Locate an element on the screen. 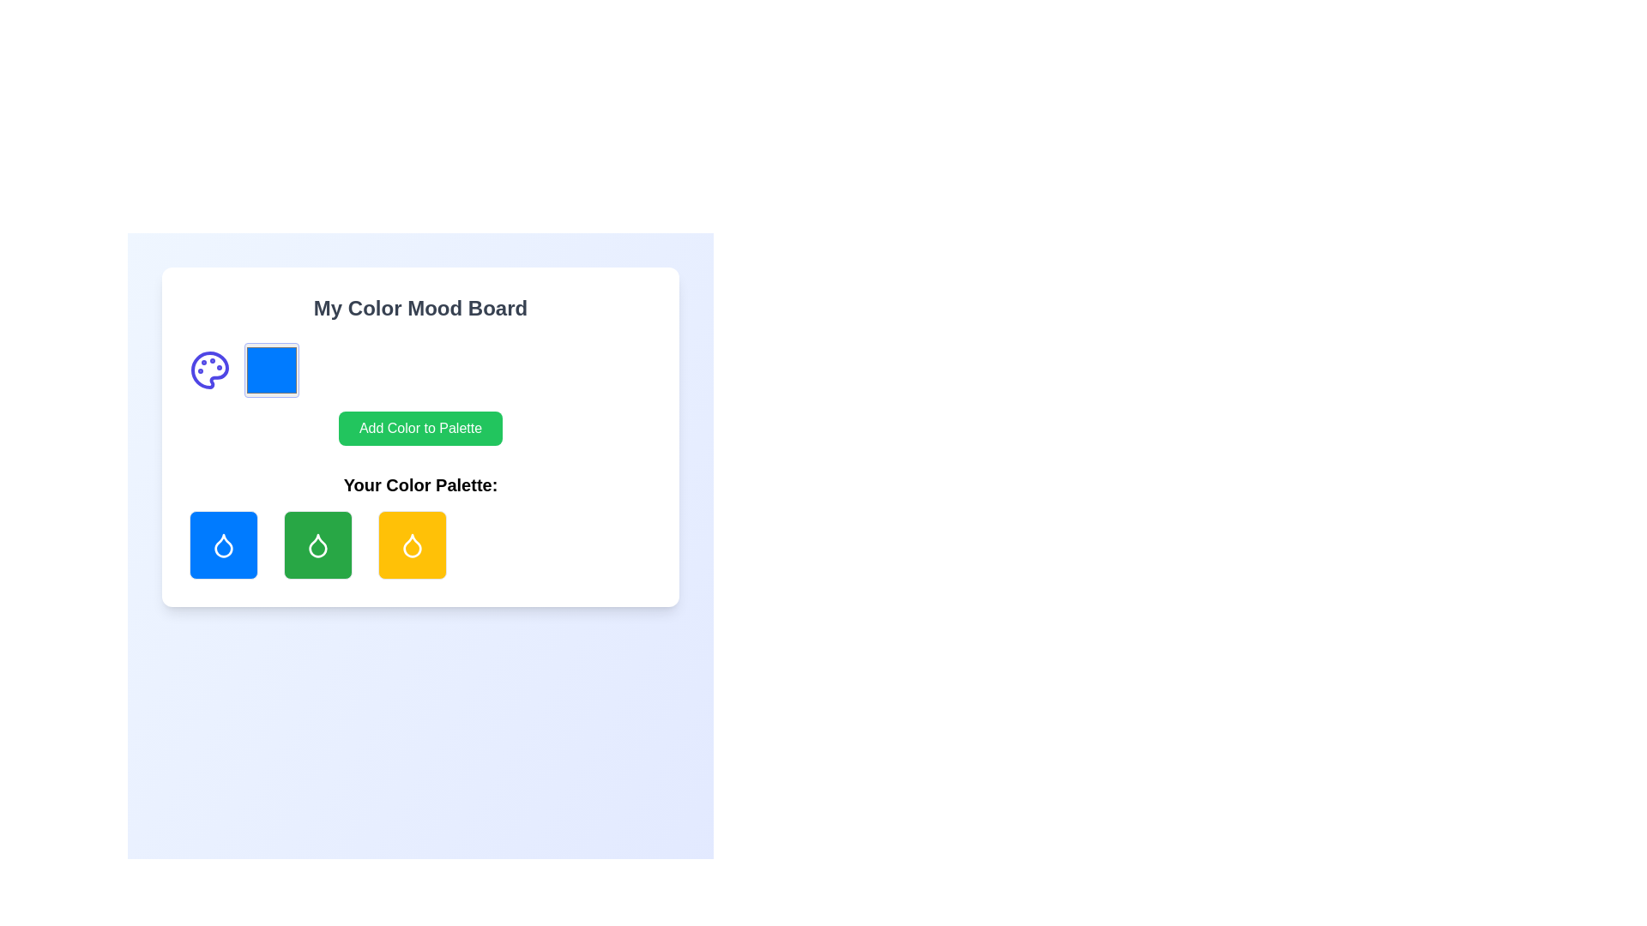 The height and width of the screenshot is (926, 1647). the droplet-shaped icon with a white outline against a green rounded rectangle background located at the center of the 'Your Color Palette' row is located at coordinates (318, 545).